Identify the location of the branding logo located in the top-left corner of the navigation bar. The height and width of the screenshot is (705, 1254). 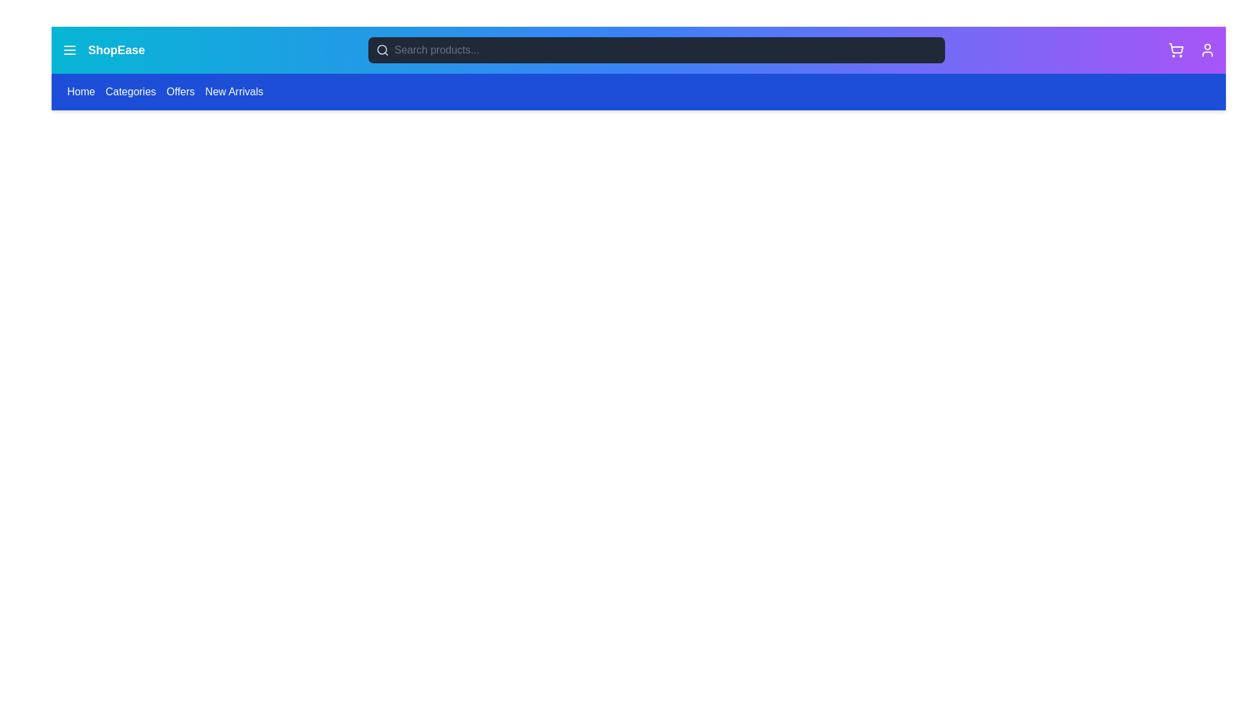
(103, 50).